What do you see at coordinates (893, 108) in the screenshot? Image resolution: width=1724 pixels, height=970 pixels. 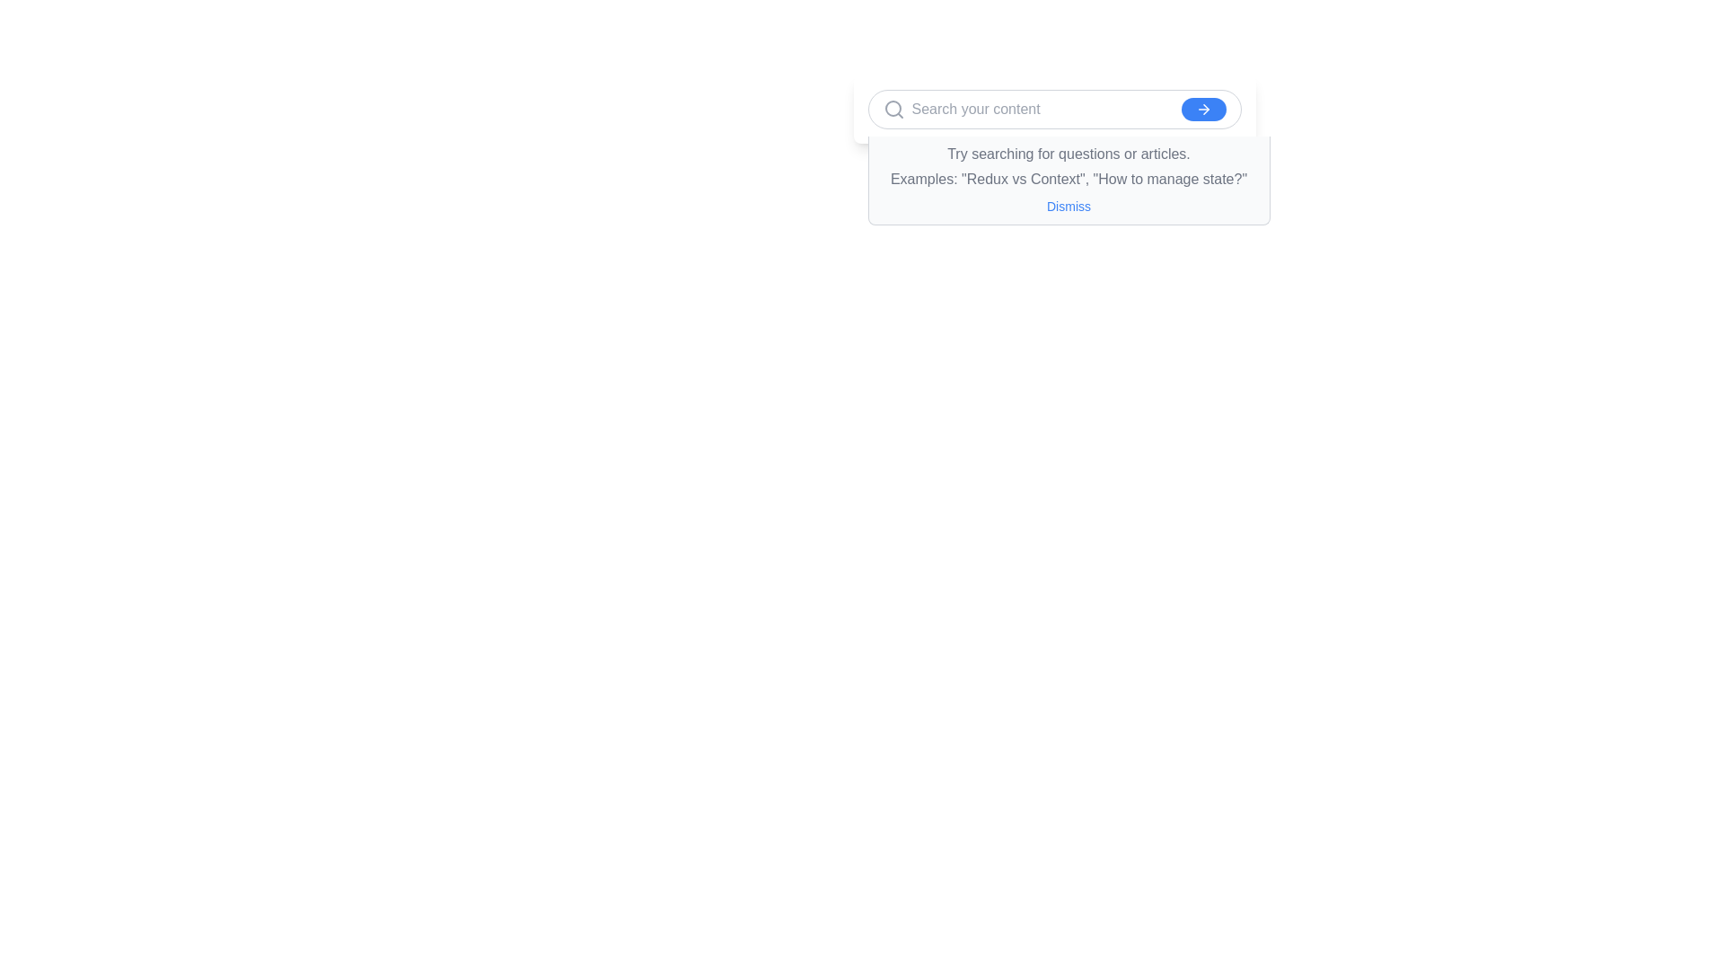 I see `the search icon part of the SVG graphic located to the left of the search input field in the top-right corner of the interface` at bounding box center [893, 108].